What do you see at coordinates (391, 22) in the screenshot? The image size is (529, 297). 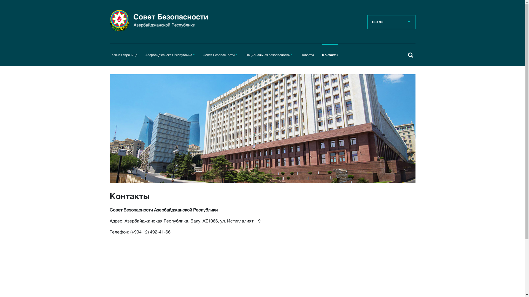 I see `'Rus dili'` at bounding box center [391, 22].